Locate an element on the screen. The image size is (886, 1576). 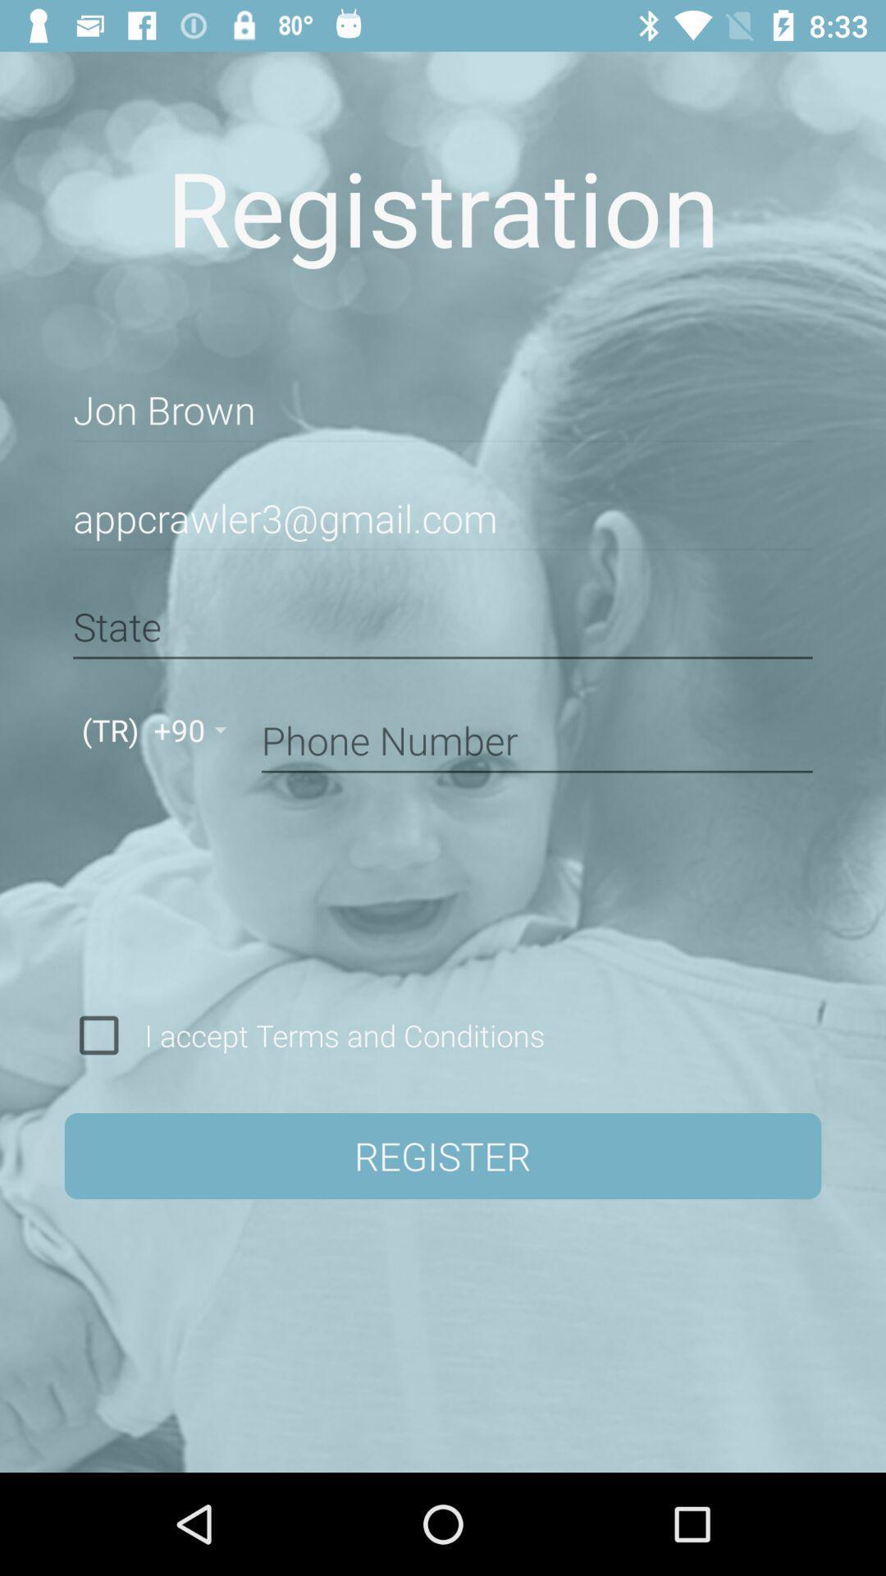
the item to the left of i accept terms is located at coordinates (98, 1034).